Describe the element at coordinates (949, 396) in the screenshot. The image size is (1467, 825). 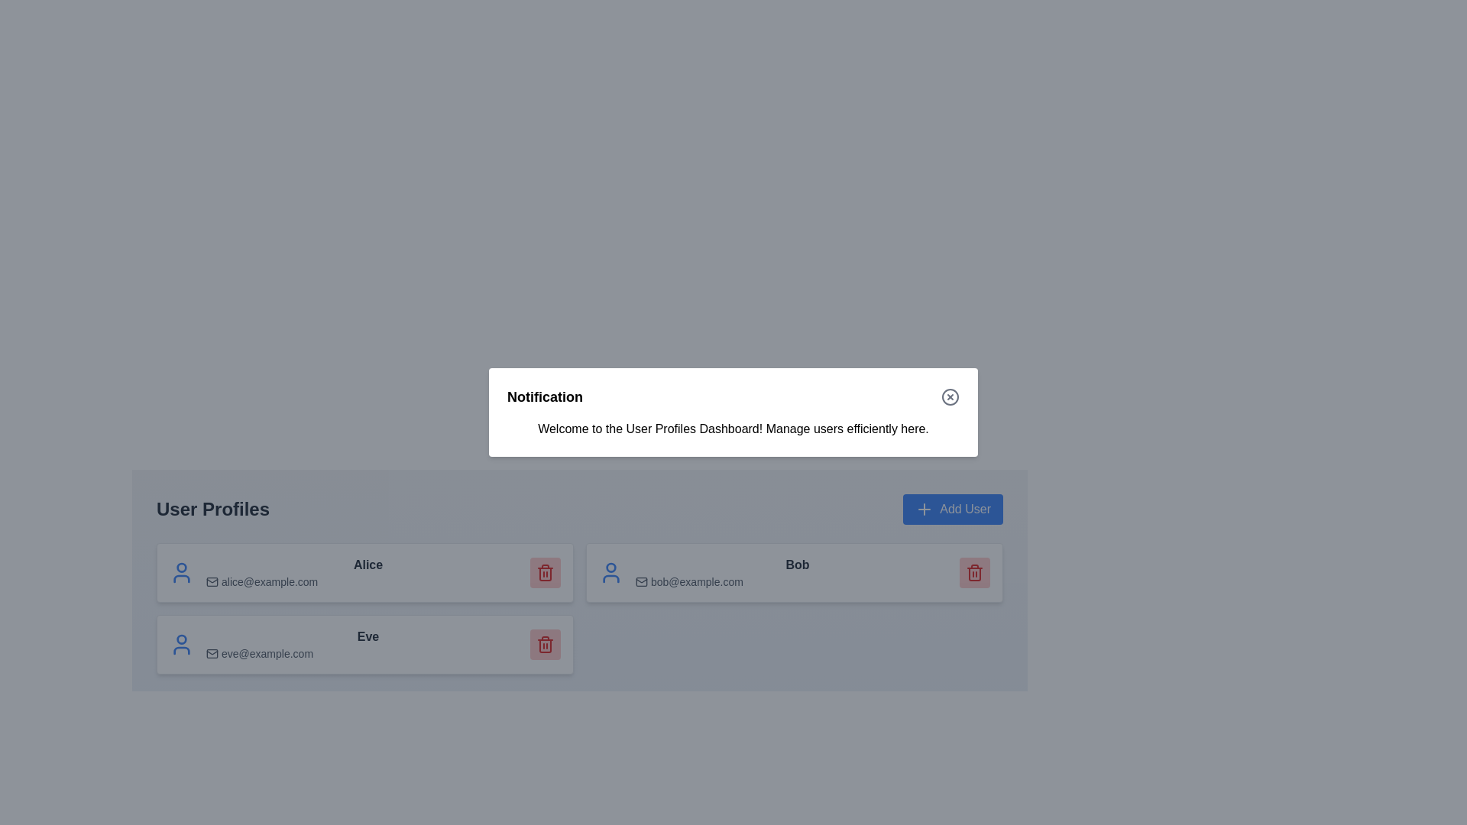
I see `the decorative background circle located at the top-right corner of the notification box, which enhances the visibility of the cross icon` at that location.